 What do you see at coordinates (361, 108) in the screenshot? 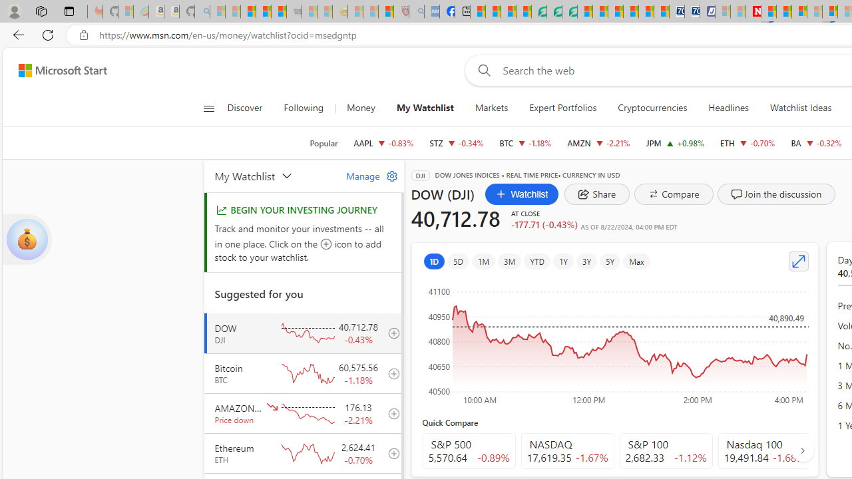
I see `'Money'` at bounding box center [361, 108].